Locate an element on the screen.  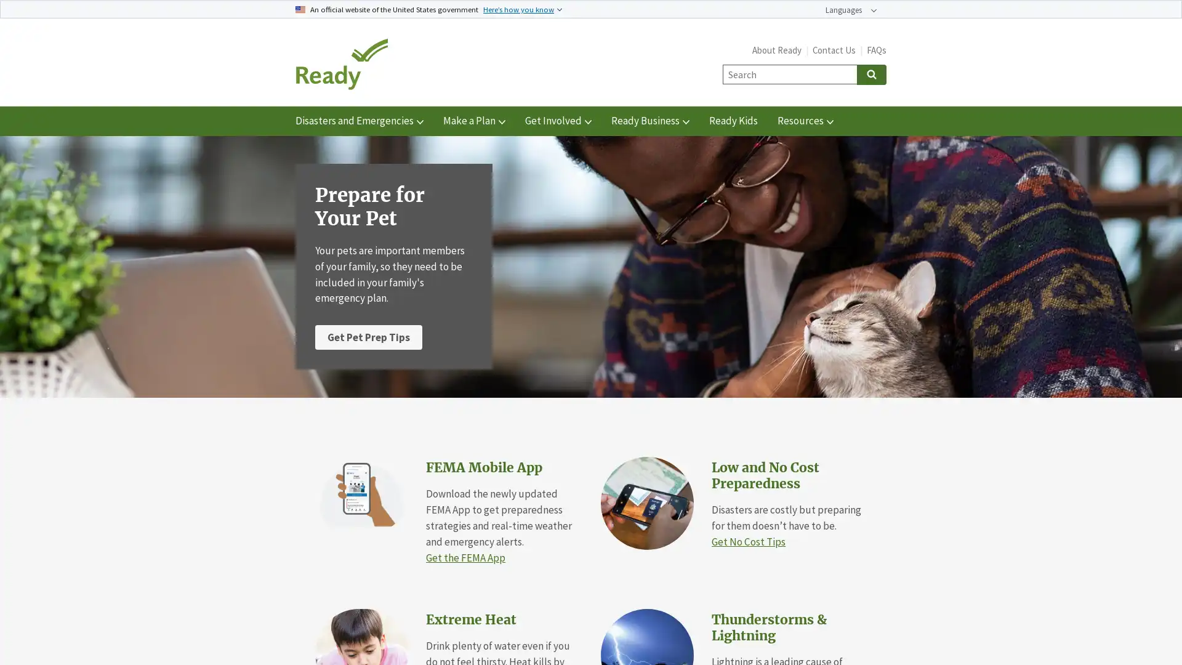
Heres how you know is located at coordinates (523, 9).